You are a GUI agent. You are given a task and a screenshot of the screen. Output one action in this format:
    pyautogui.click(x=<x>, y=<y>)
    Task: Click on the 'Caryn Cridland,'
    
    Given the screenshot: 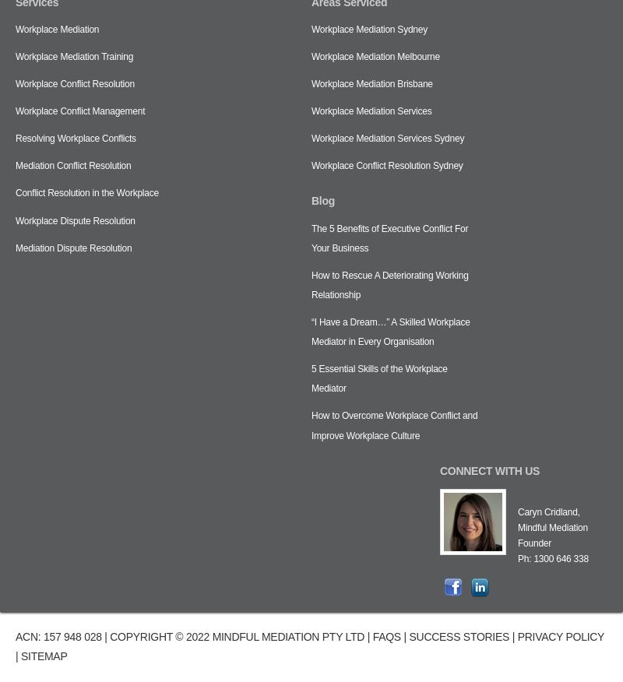 What is the action you would take?
    pyautogui.click(x=547, y=511)
    